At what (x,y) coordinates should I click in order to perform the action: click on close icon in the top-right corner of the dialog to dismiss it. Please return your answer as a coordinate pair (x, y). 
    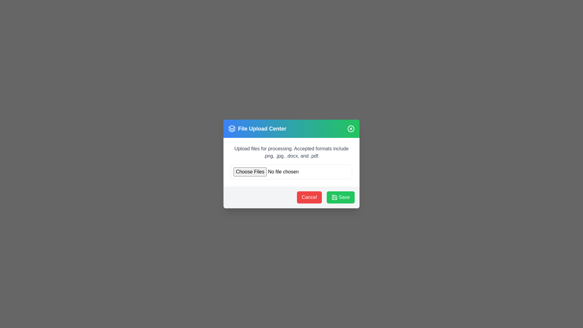
    Looking at the image, I should click on (351, 128).